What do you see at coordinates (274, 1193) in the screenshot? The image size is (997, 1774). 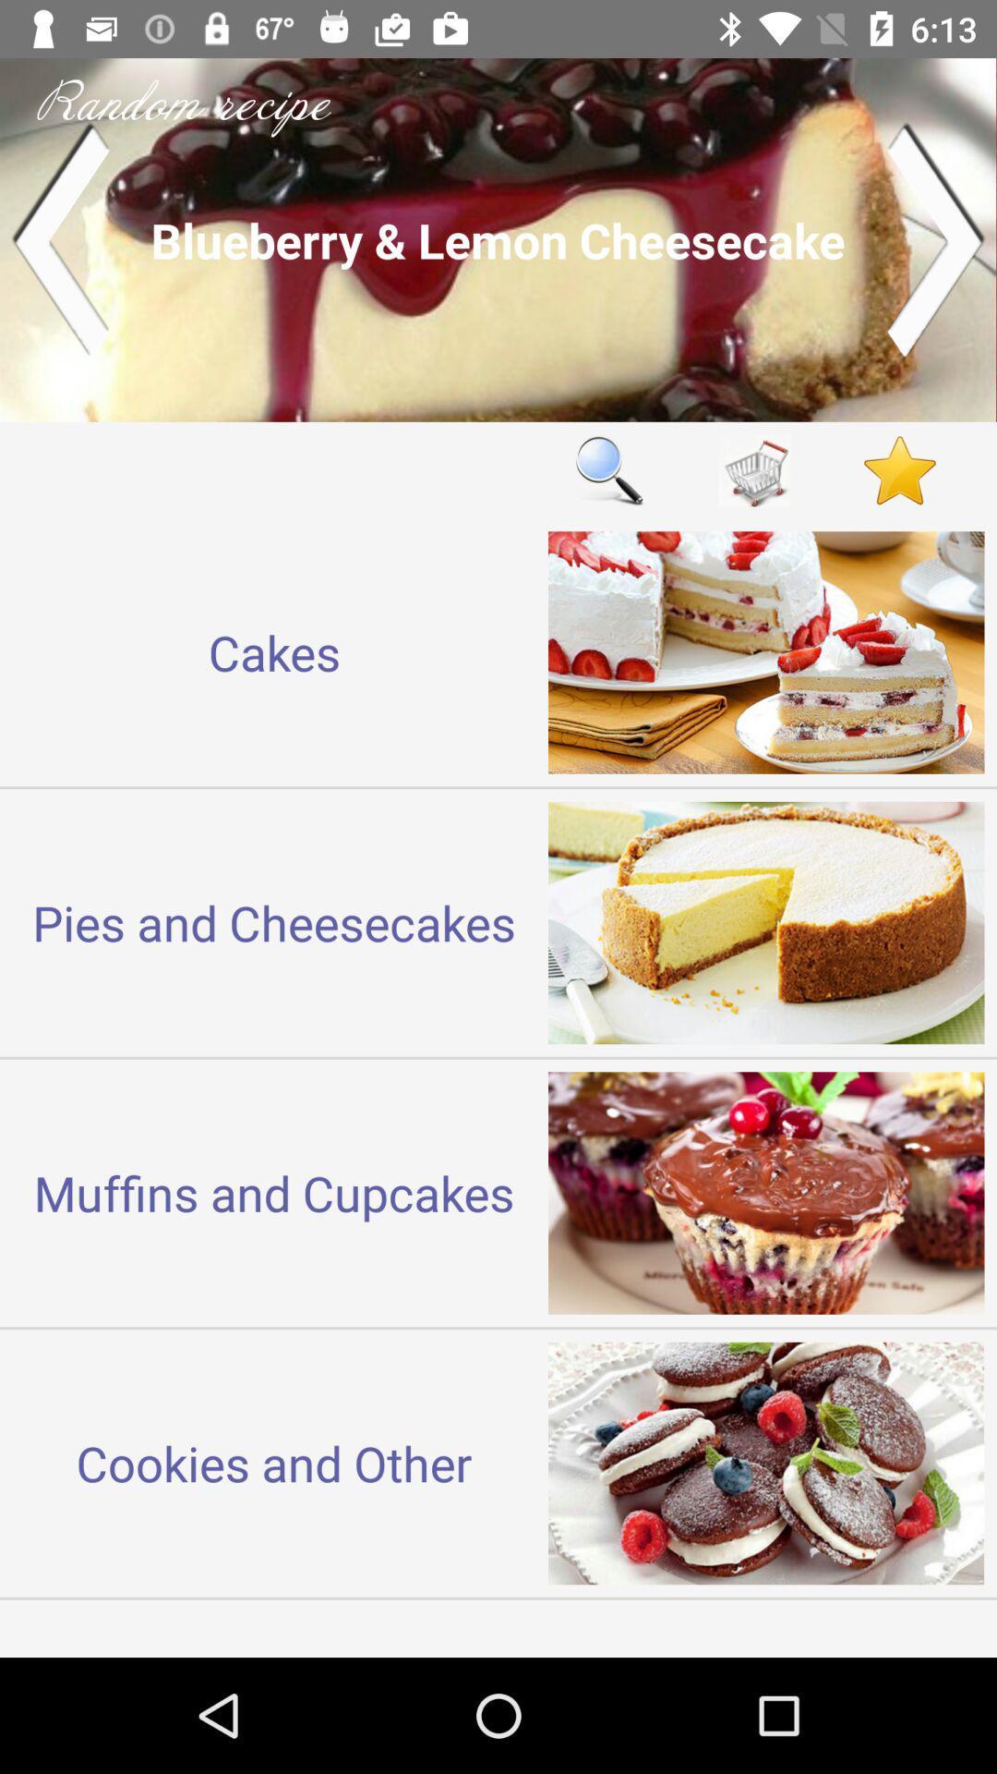 I see `icon below pies and cheesecakes icon` at bounding box center [274, 1193].